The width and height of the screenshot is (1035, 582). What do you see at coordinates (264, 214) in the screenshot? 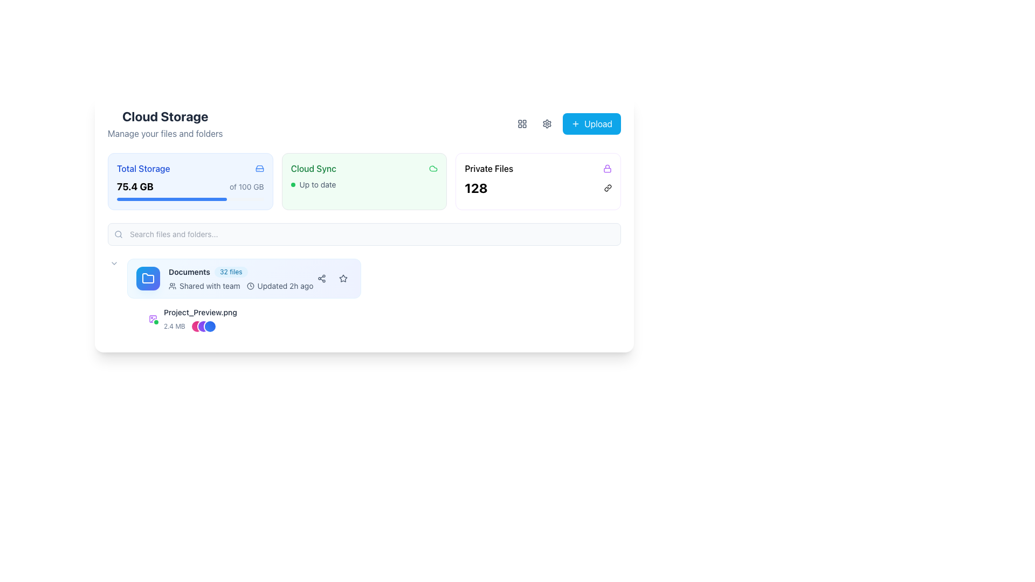
I see `the progress bar, which is a horizontal bar with a gray background and a blue filled portion, located below the 'Cloud Sync' and '75.4 GB of 100 GB' indicators` at bounding box center [264, 214].